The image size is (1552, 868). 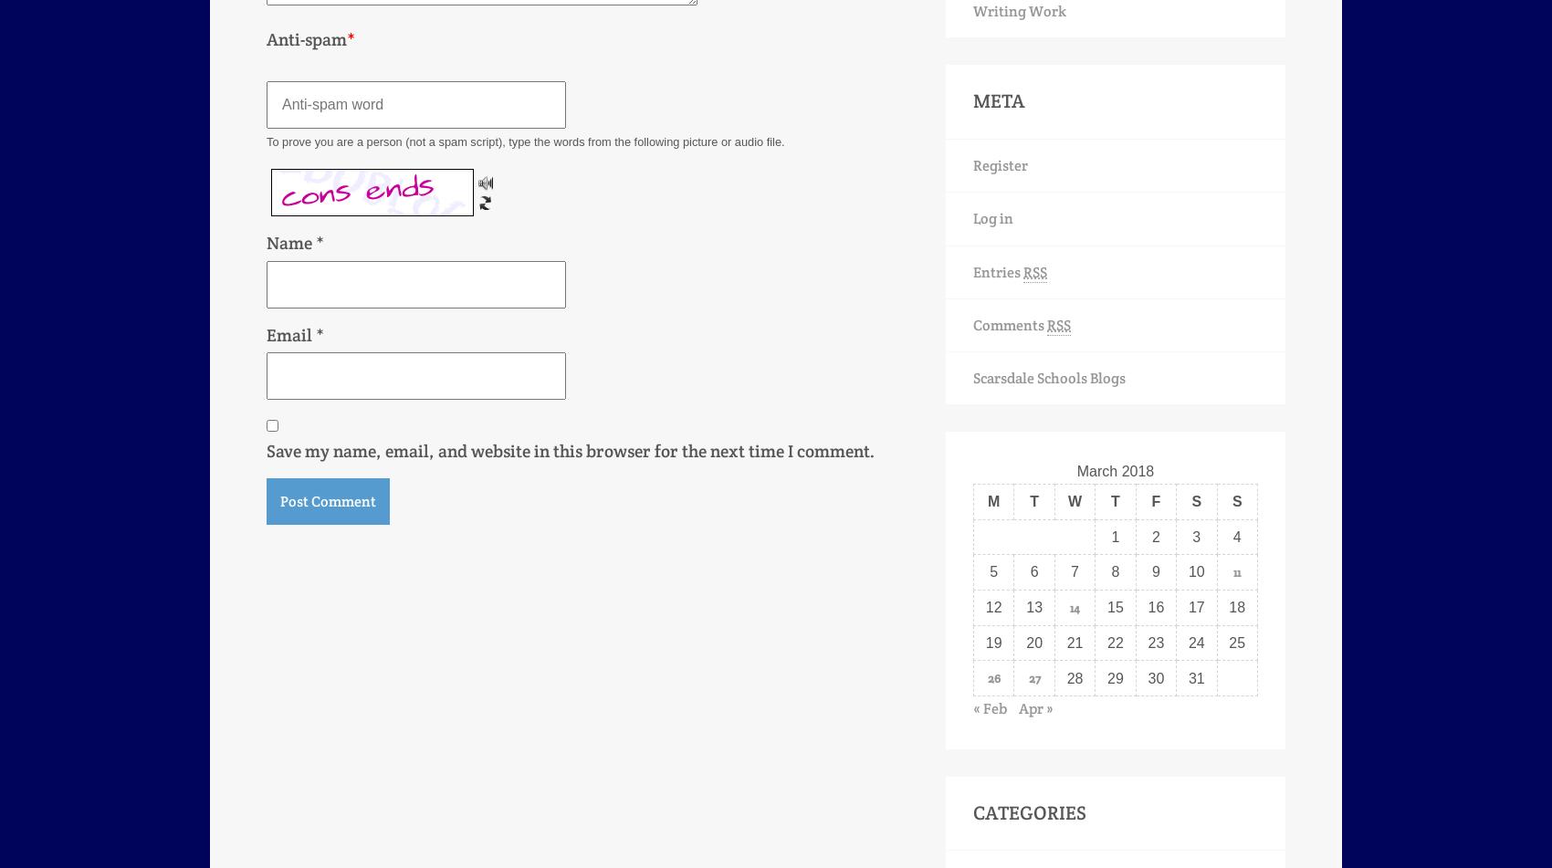 I want to click on 'Categories', so click(x=1029, y=810).